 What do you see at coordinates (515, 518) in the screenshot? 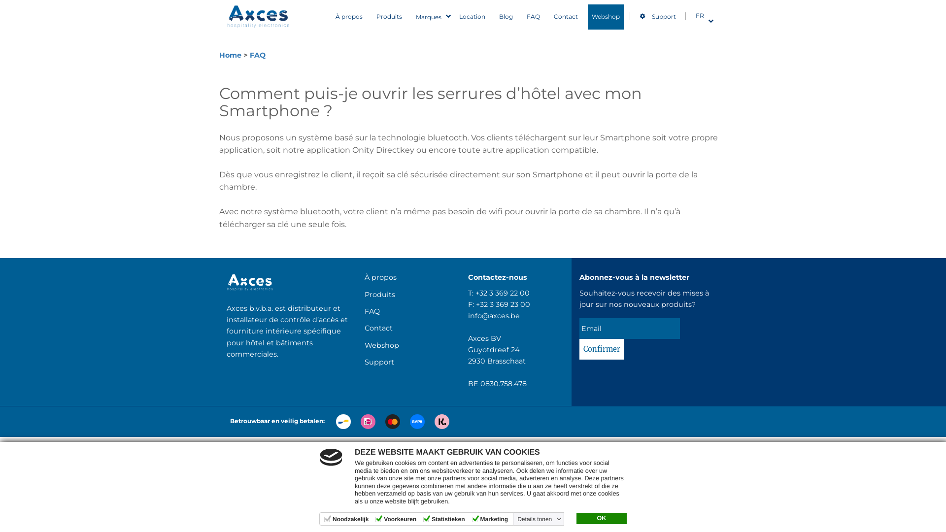
I see `'Details tonen'` at bounding box center [515, 518].